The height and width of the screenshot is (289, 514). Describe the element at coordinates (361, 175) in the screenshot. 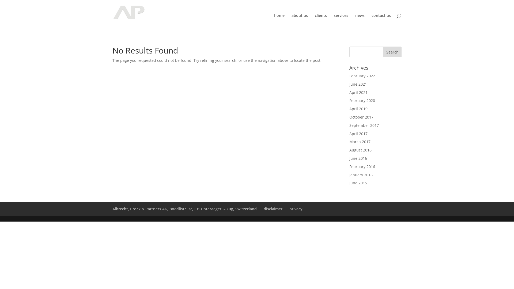

I see `'January 2016'` at that location.